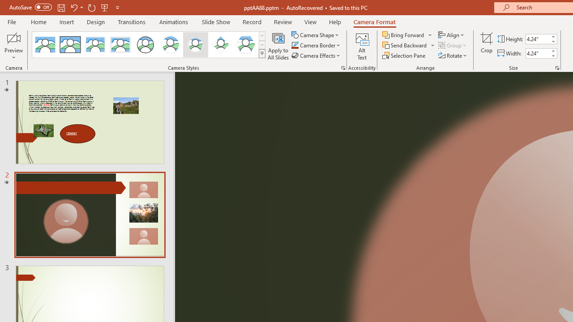 The image size is (573, 322). Describe the element at coordinates (278, 46) in the screenshot. I see `'Apply to All Slides'` at that location.